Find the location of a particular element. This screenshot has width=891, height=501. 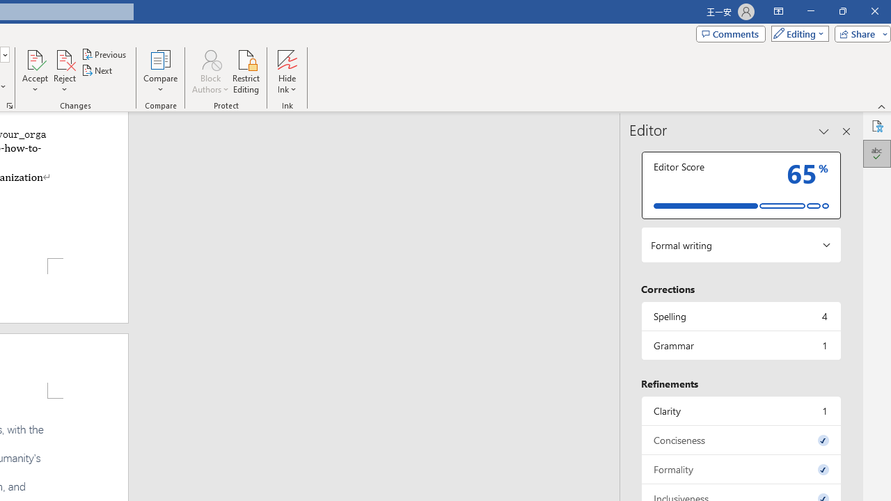

'Accept' is located at coordinates (35, 72).